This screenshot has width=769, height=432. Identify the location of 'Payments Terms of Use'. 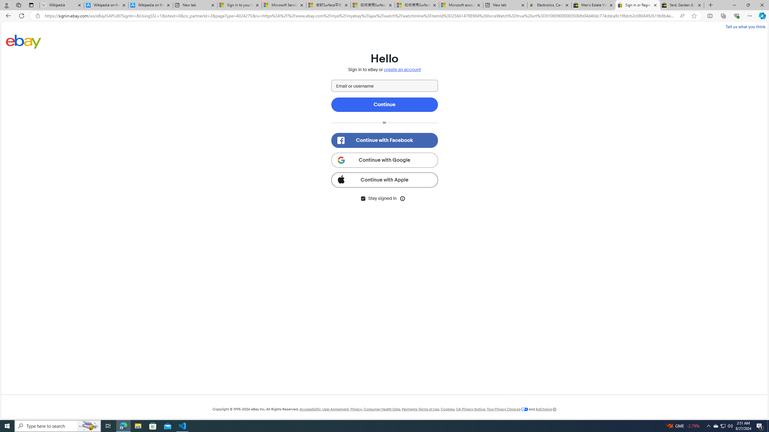
(420, 409).